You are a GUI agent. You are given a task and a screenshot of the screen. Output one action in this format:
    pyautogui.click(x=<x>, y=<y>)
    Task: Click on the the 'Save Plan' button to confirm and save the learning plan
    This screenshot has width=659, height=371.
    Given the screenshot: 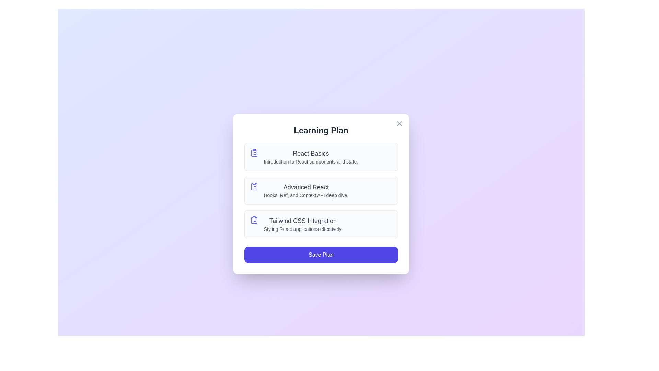 What is the action you would take?
    pyautogui.click(x=321, y=255)
    